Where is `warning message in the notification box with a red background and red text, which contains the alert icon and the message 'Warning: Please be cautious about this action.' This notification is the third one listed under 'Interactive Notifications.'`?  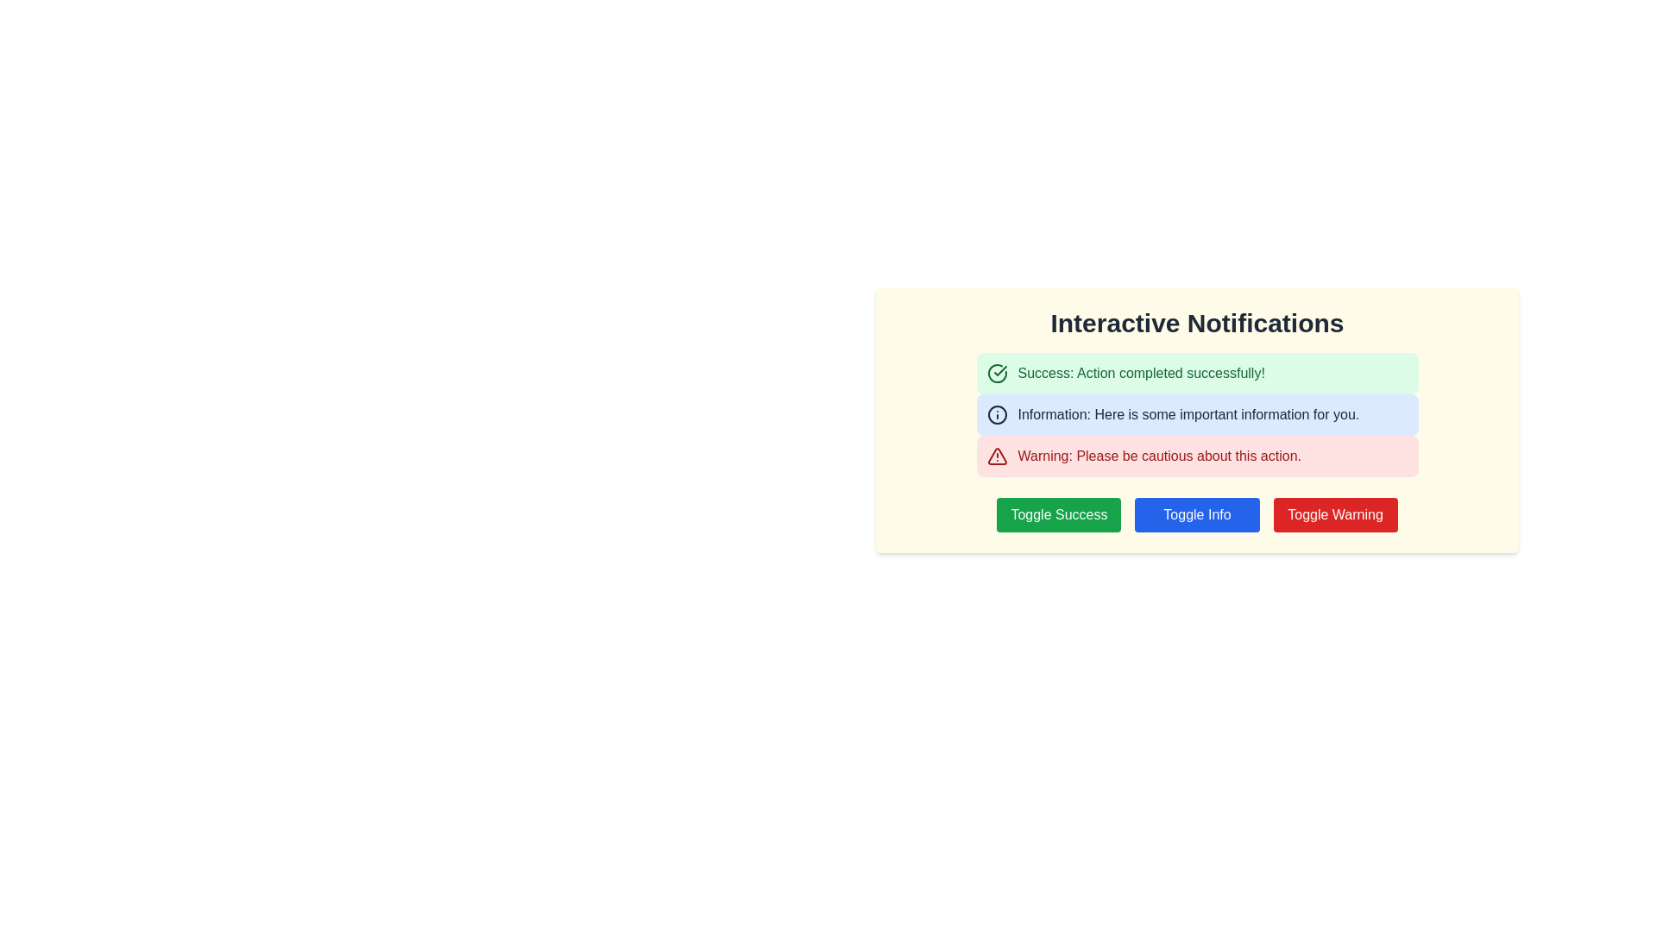 warning message in the notification box with a red background and red text, which contains the alert icon and the message 'Warning: Please be cautious about this action.' This notification is the third one listed under 'Interactive Notifications.' is located at coordinates (1196, 455).